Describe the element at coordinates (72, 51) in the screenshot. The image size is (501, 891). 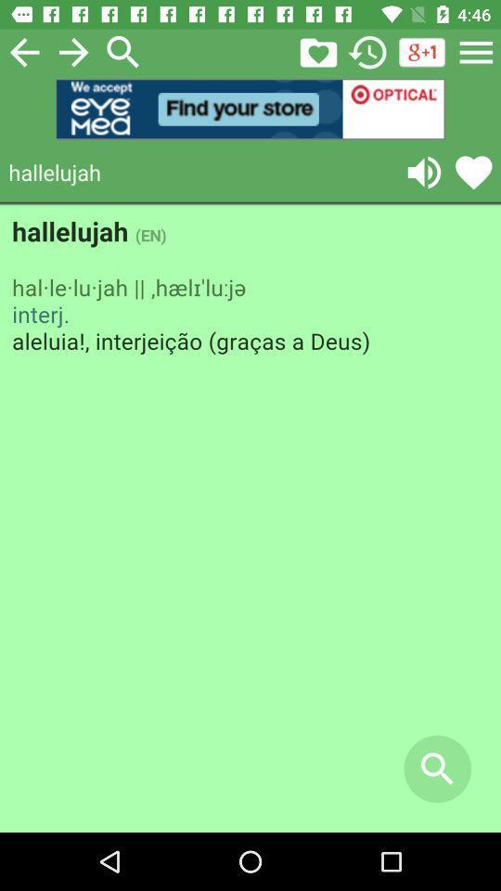
I see `the arrow_forward icon` at that location.